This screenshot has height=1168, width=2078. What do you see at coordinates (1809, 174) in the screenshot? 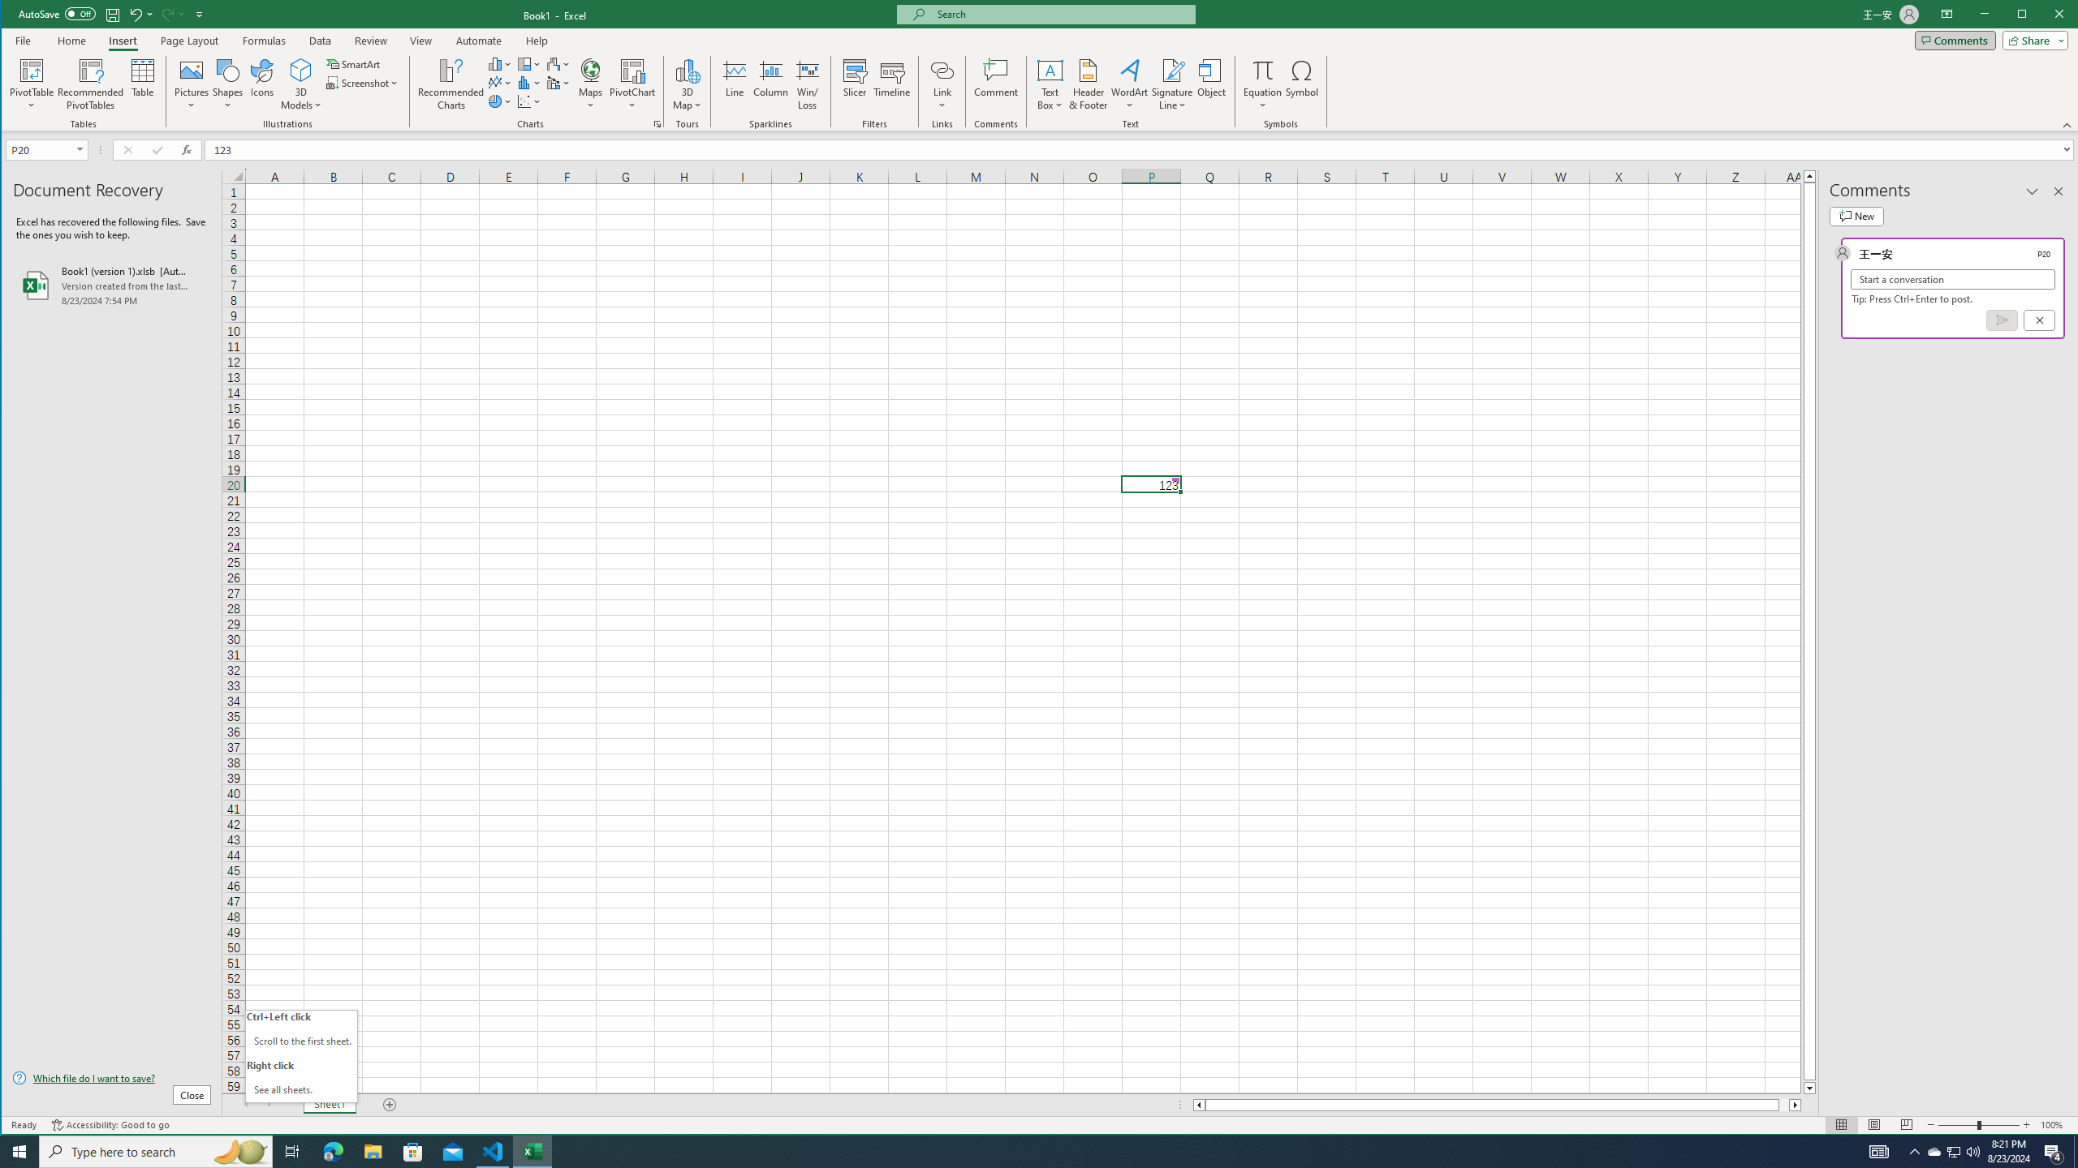
I see `'Line up'` at bounding box center [1809, 174].